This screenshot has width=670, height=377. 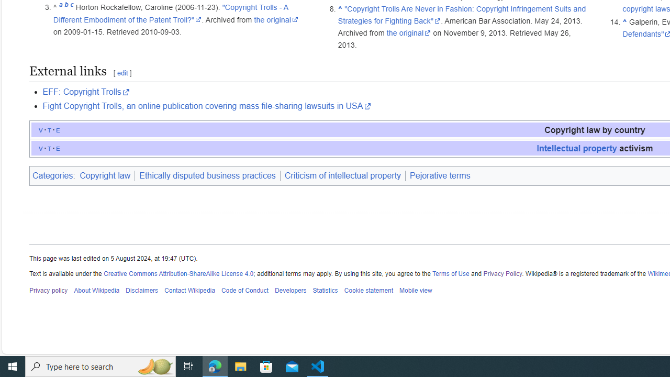 I want to click on 'Developers', so click(x=290, y=291).